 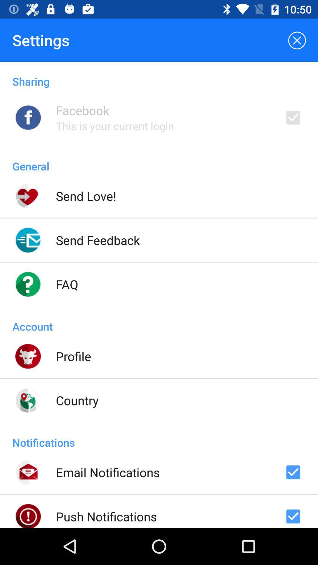 What do you see at coordinates (73, 356) in the screenshot?
I see `the profile item` at bounding box center [73, 356].